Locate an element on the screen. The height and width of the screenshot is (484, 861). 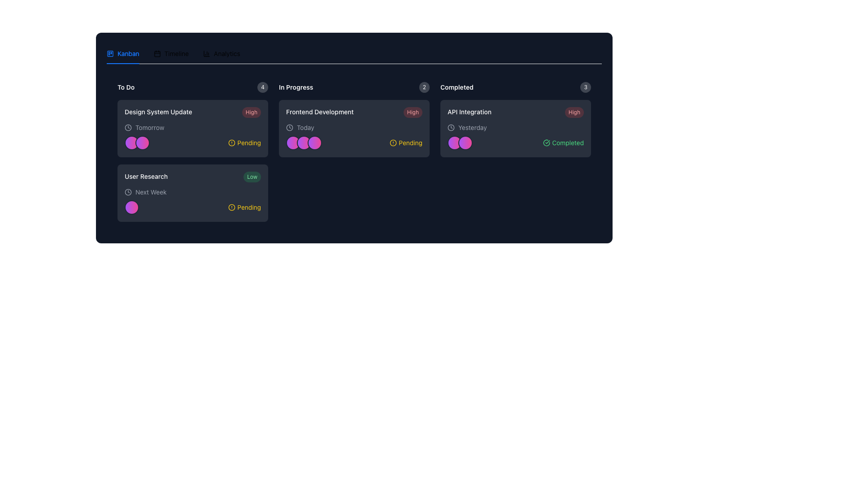
the SVG Circle Element that indicates an alert or attention-needed status in the 'In Progress' section, near the 'Frontend Development' card is located at coordinates (393, 143).